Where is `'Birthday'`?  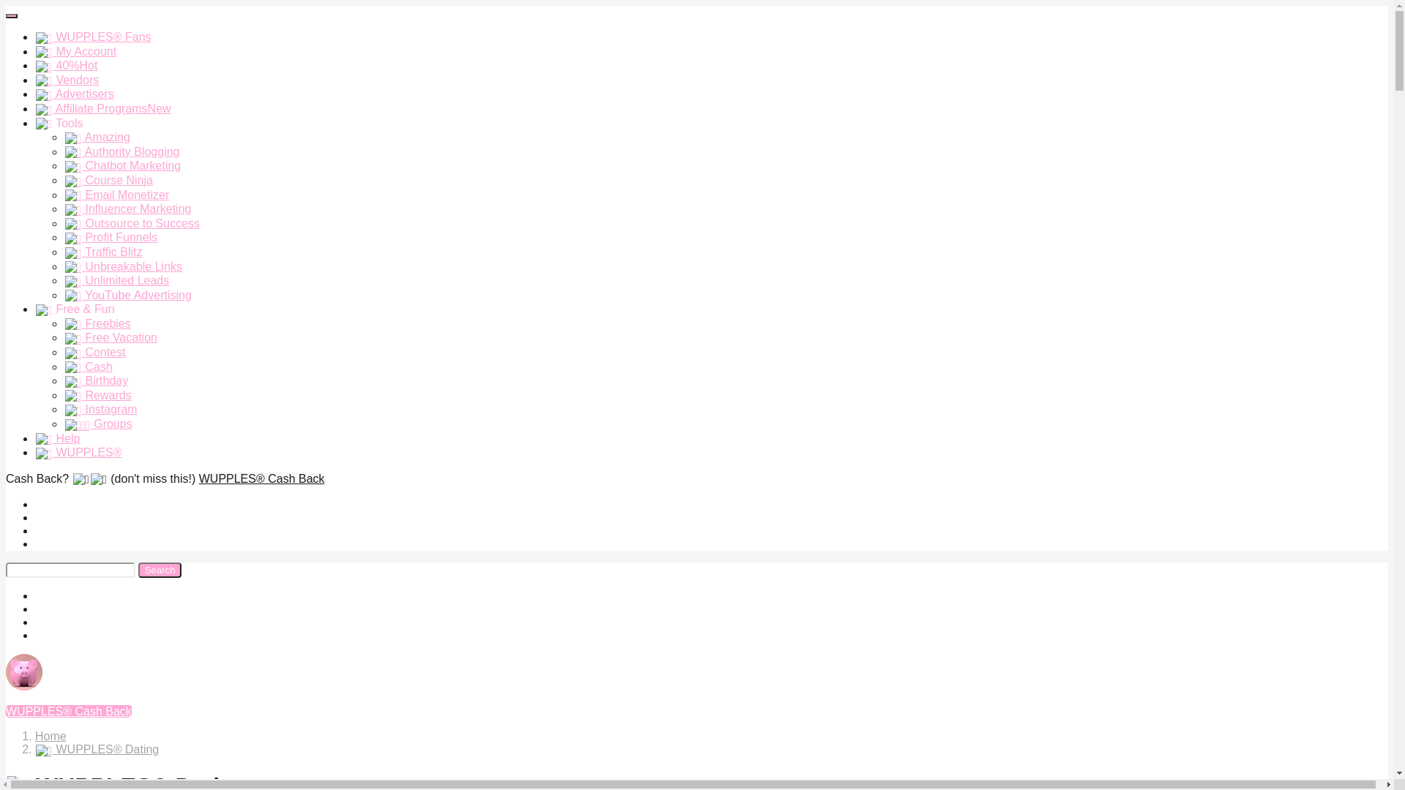 'Birthday' is located at coordinates (95, 380).